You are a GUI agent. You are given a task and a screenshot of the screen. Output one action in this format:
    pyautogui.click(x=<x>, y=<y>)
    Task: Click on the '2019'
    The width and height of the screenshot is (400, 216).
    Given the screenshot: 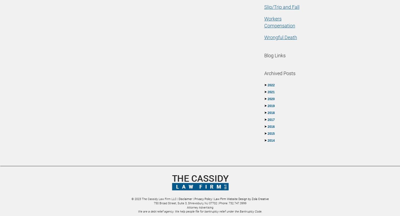 What is the action you would take?
    pyautogui.click(x=271, y=106)
    